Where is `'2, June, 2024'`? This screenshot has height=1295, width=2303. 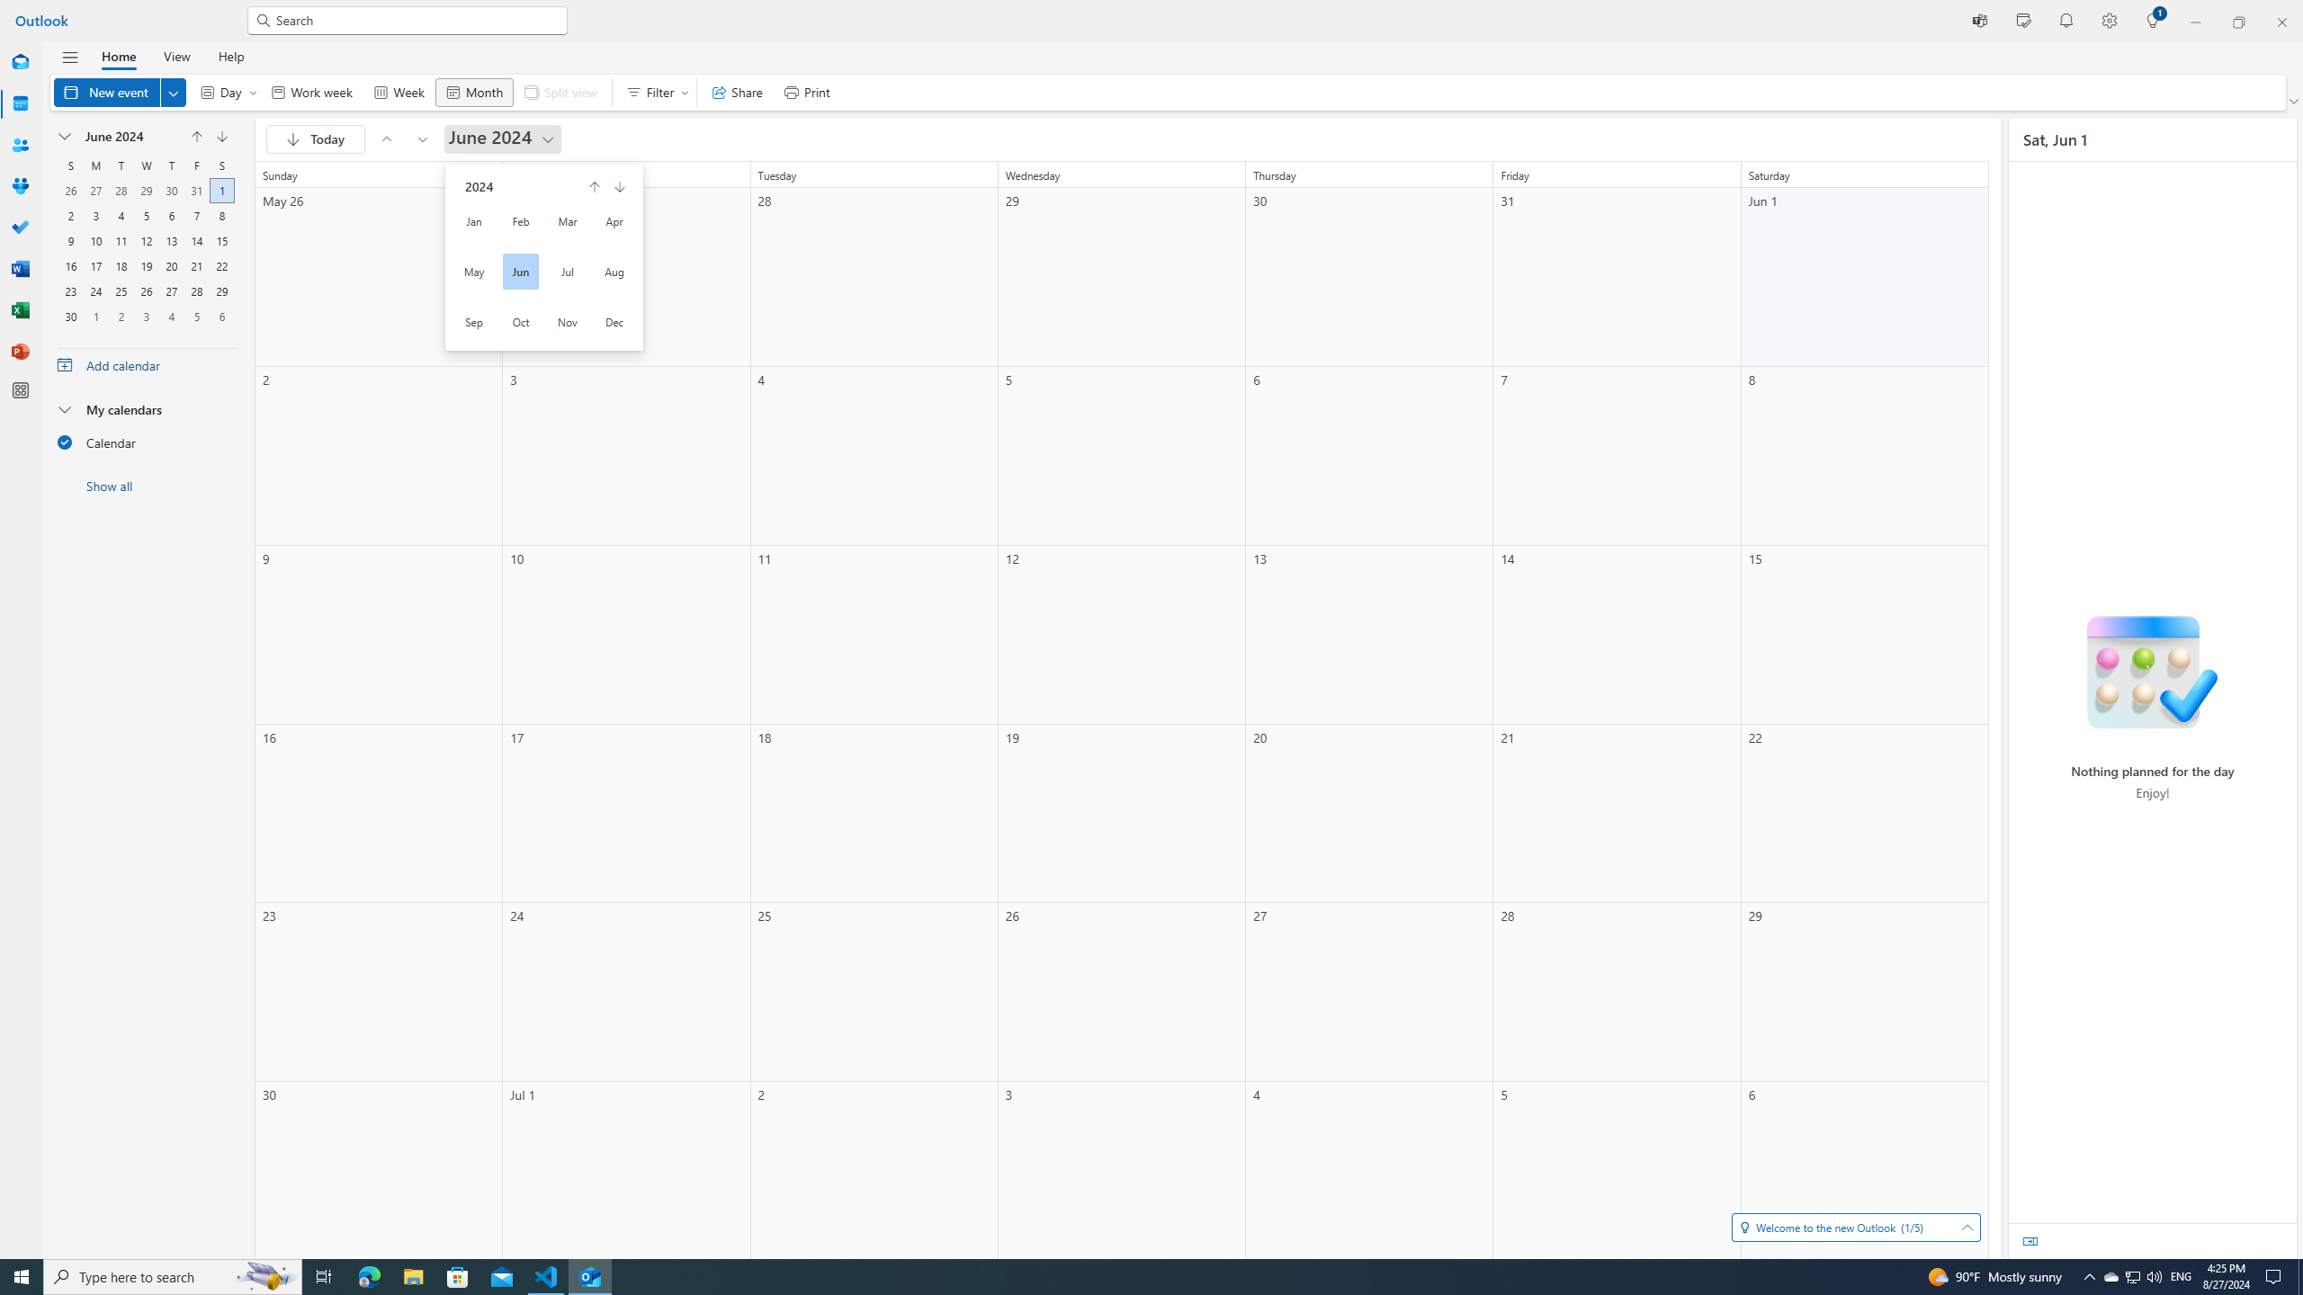
'2, June, 2024' is located at coordinates (70, 213).